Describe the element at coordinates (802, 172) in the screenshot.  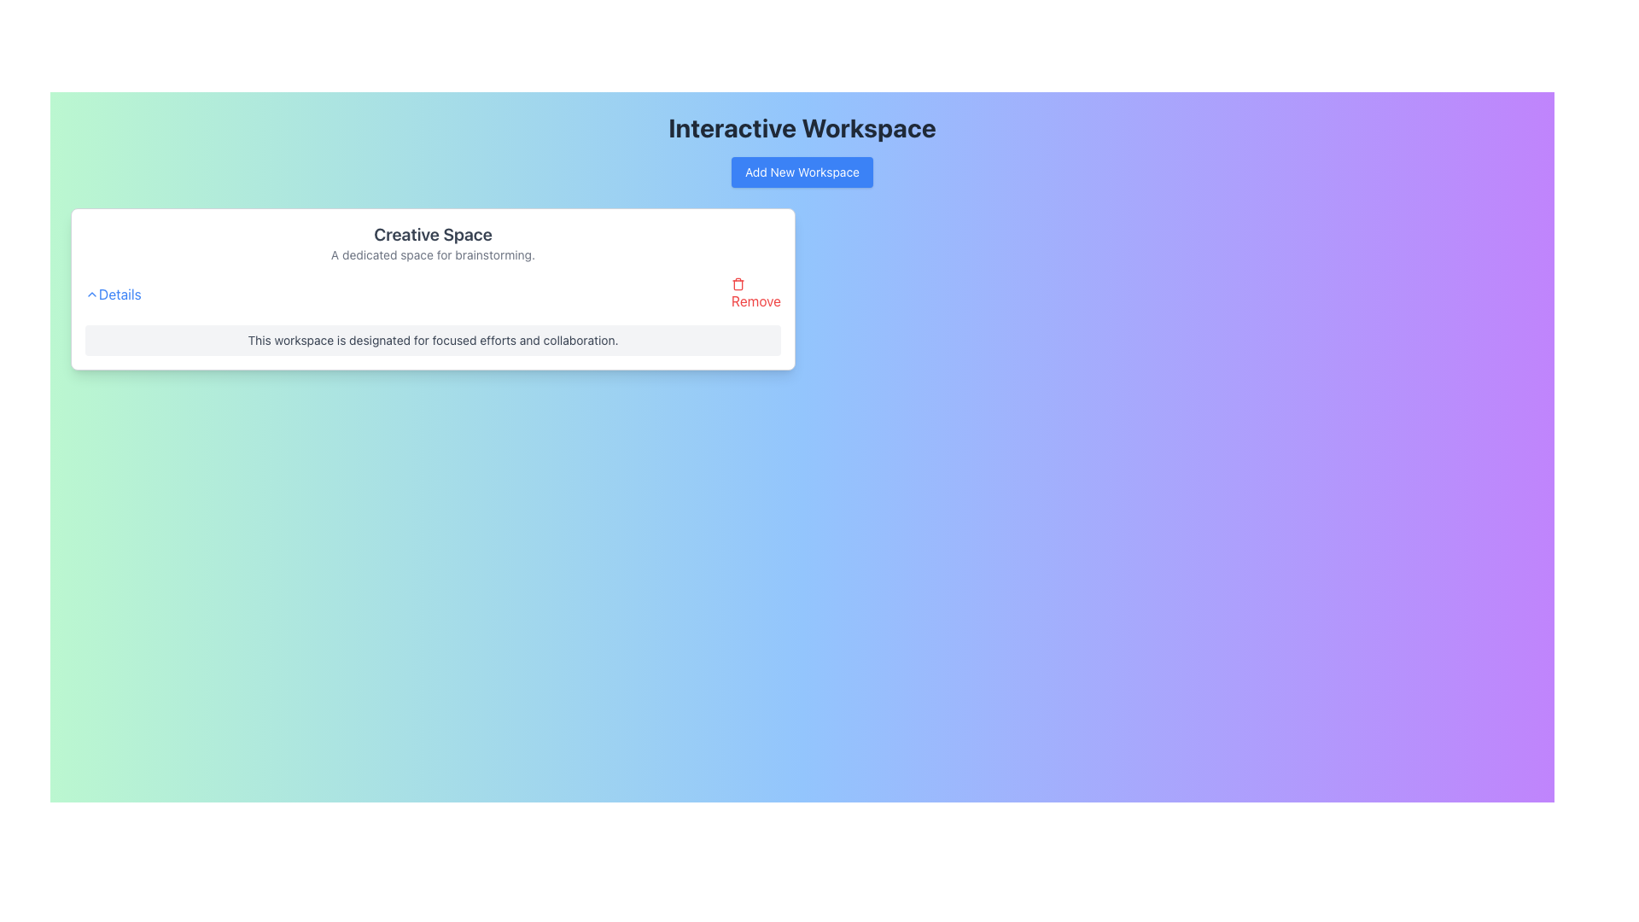
I see `the 'Add New Workspace' button with a blue background and white text` at that location.